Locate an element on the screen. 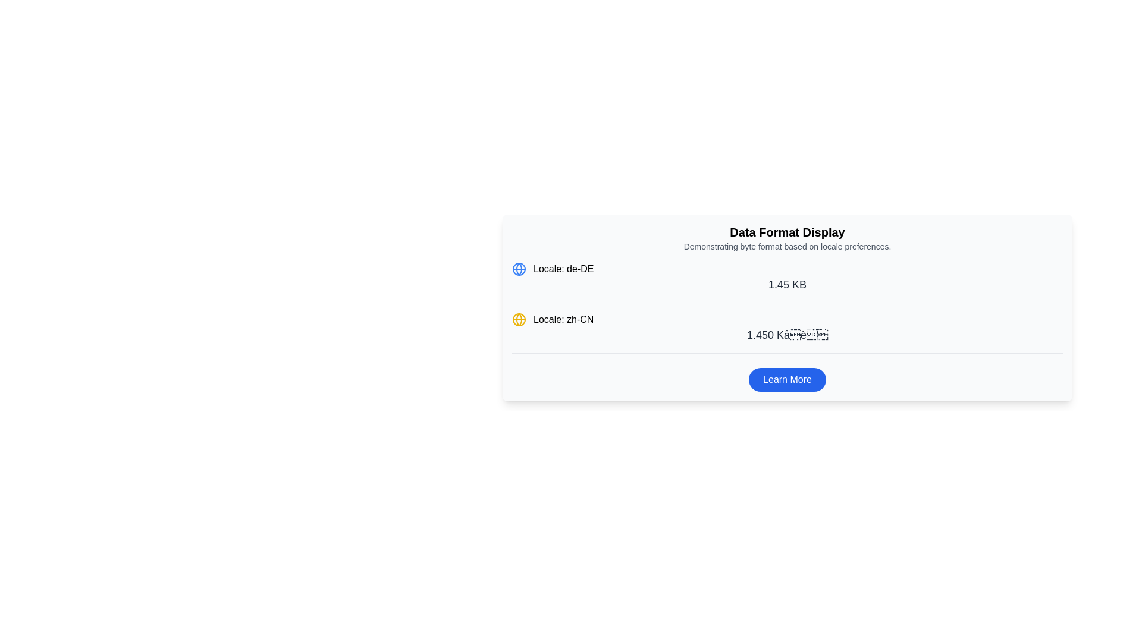  the text label displaying '1.450 Kåᚗèϊ', which is styled in gray and positioned to the right of 'Locale: zh-CN' is located at coordinates (788, 335).